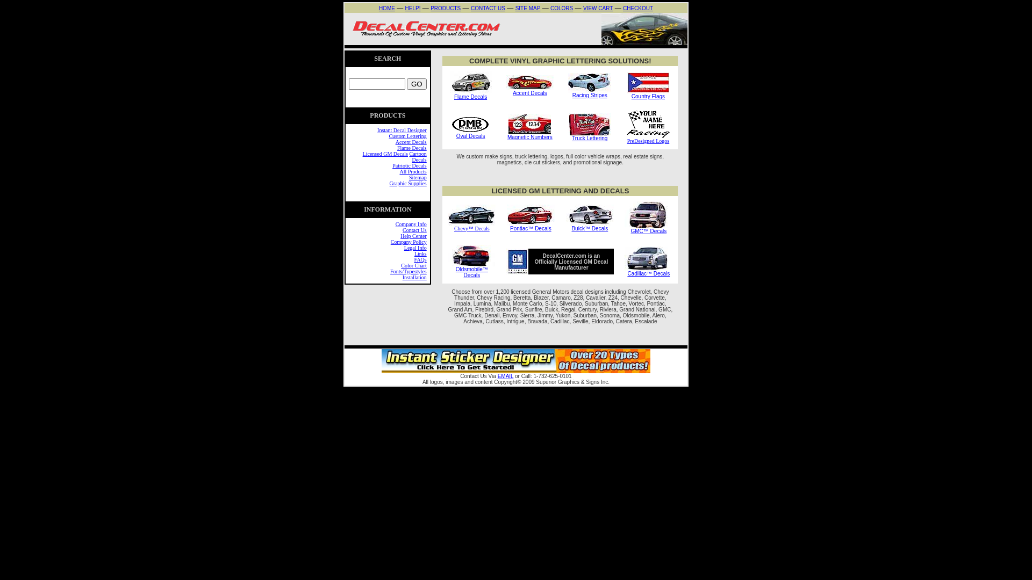 Image resolution: width=1032 pixels, height=580 pixels. What do you see at coordinates (417, 177) in the screenshot?
I see `'Sitemap'` at bounding box center [417, 177].